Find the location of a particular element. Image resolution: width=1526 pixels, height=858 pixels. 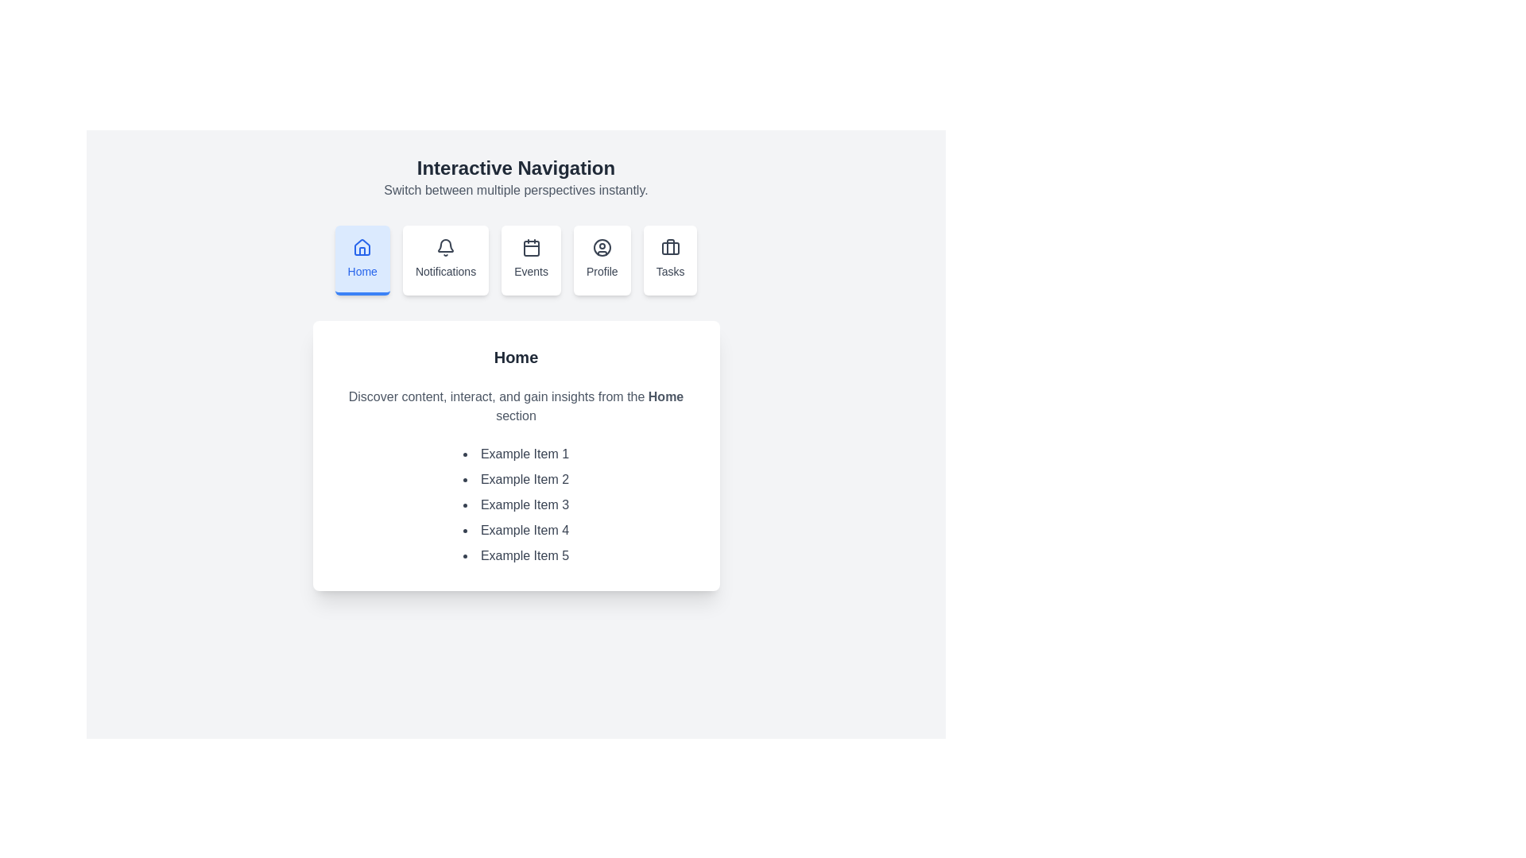

the text label displaying 'Example Item 2' in a dark gray color, which is the second item in a vertical bulleted list is located at coordinates (516, 479).